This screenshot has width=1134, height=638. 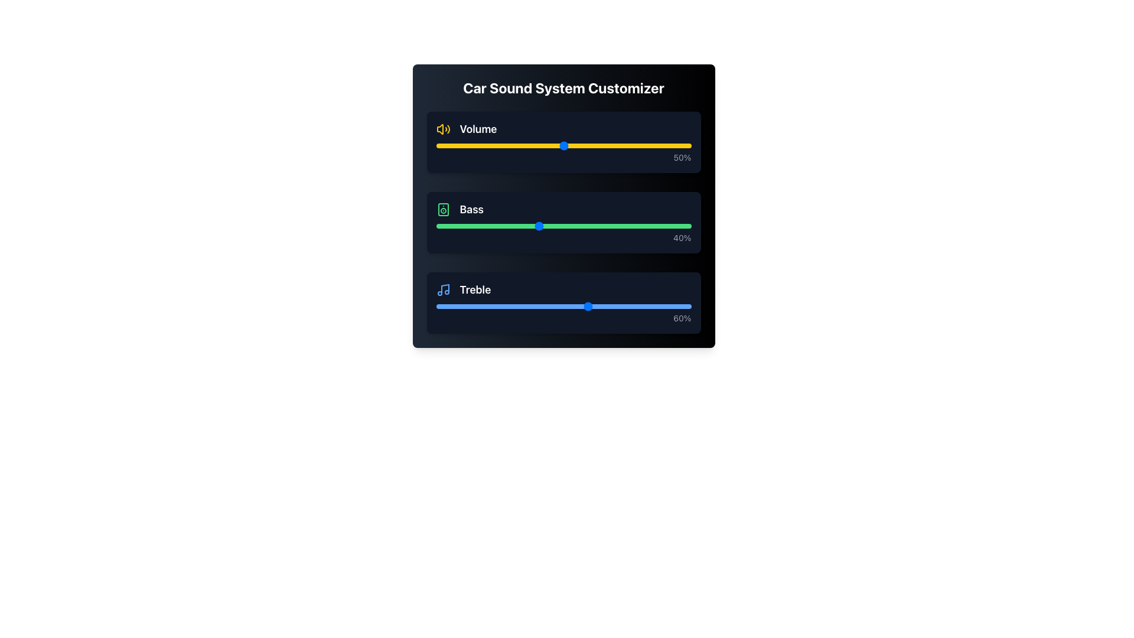 I want to click on the volume, so click(x=689, y=145).